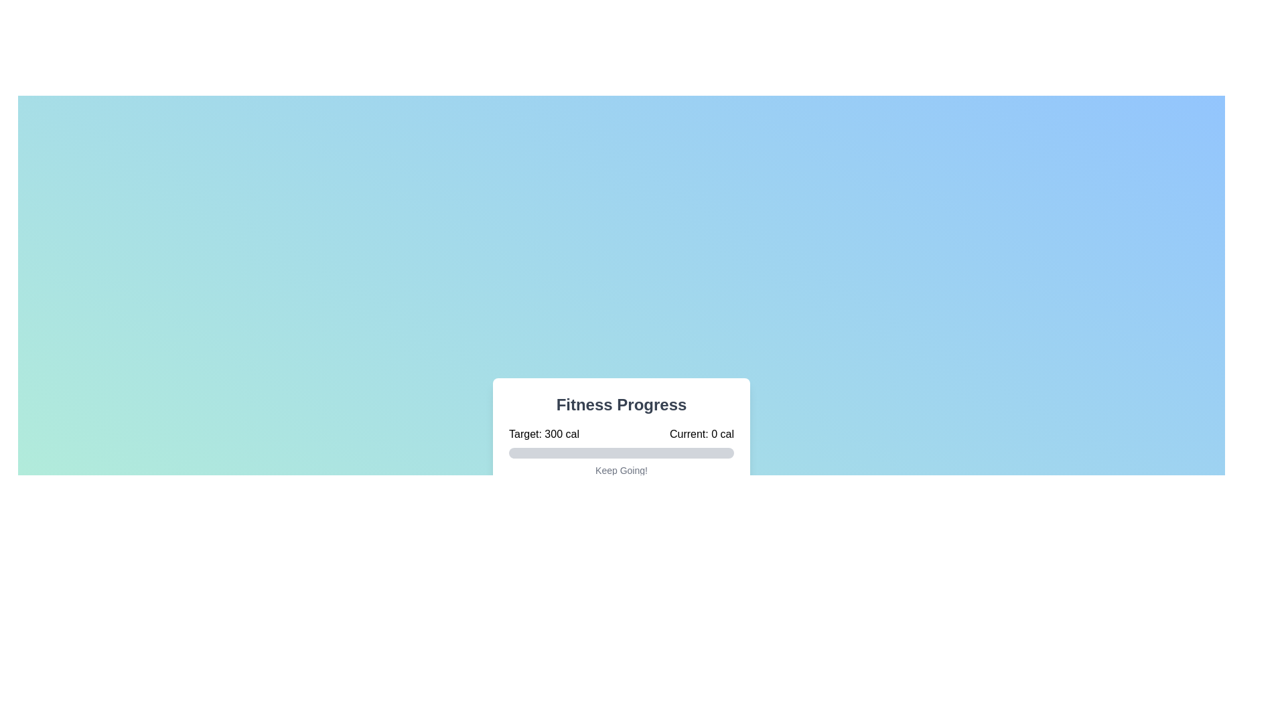 The height and width of the screenshot is (723, 1286). Describe the element at coordinates (620, 404) in the screenshot. I see `text heading that indicates the card content relates to tracking or displaying fitness progress, located at the top-center of the card` at that location.